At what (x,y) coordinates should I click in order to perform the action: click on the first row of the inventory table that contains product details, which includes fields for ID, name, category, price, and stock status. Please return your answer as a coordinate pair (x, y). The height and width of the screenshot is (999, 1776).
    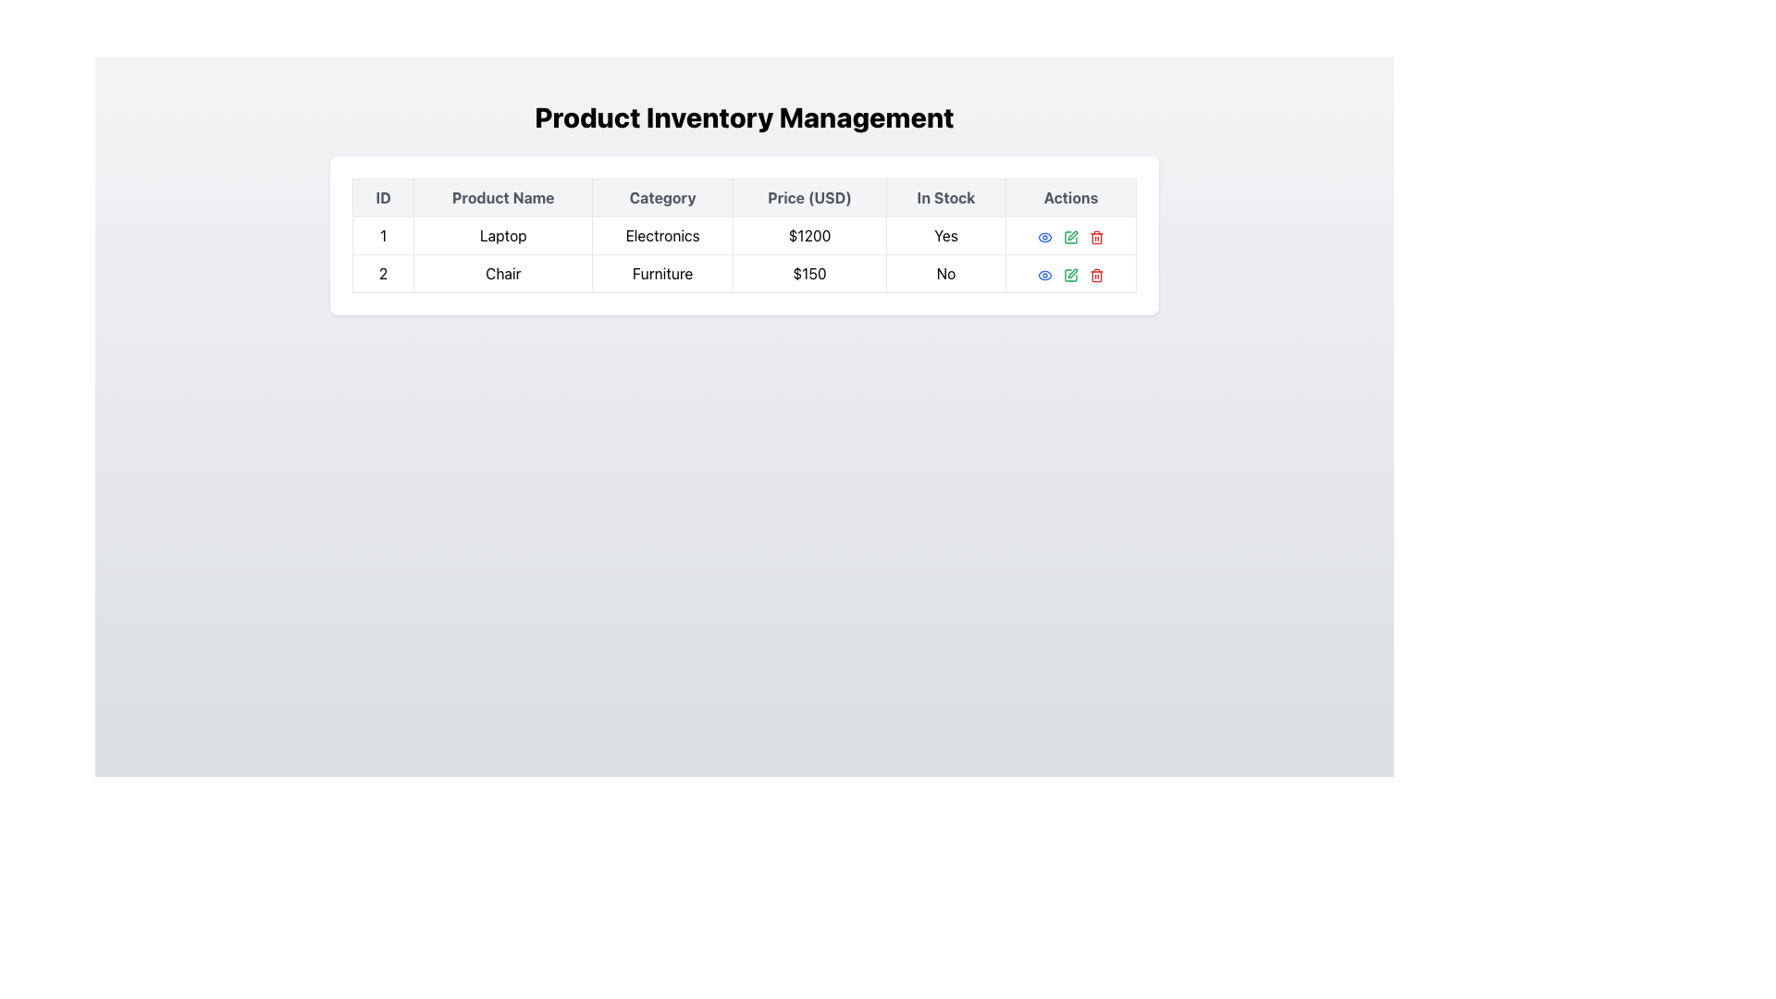
    Looking at the image, I should click on (745, 234).